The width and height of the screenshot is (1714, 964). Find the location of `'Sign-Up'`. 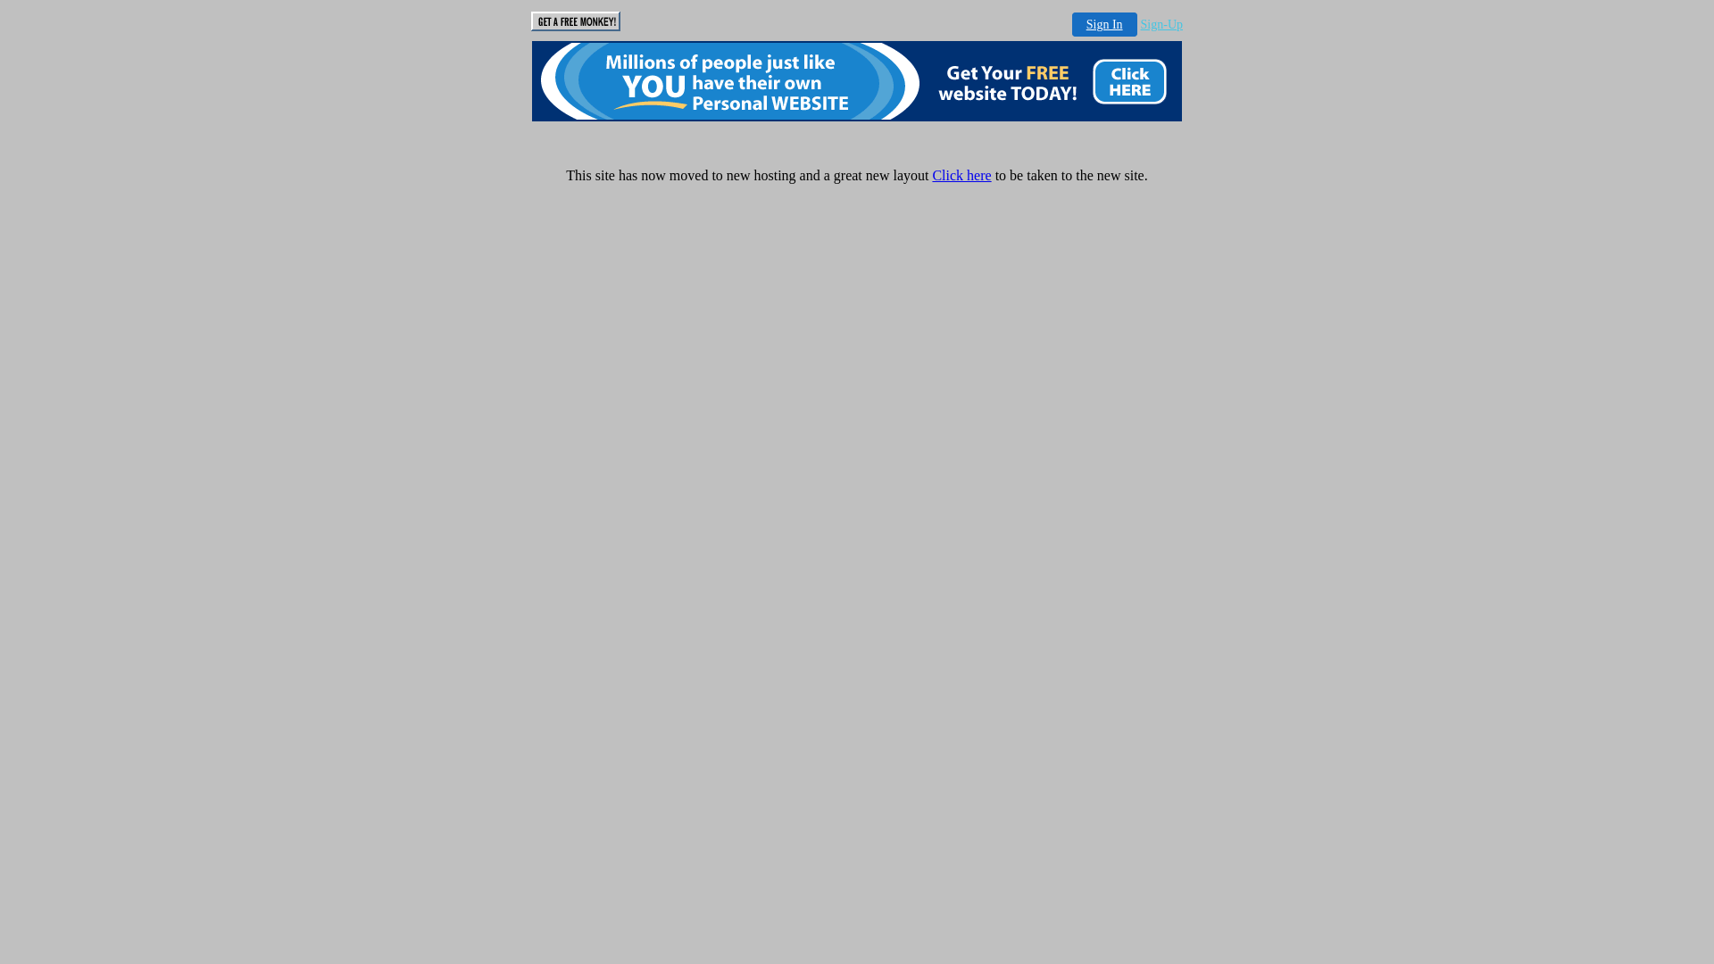

'Sign-Up' is located at coordinates (1161, 24).